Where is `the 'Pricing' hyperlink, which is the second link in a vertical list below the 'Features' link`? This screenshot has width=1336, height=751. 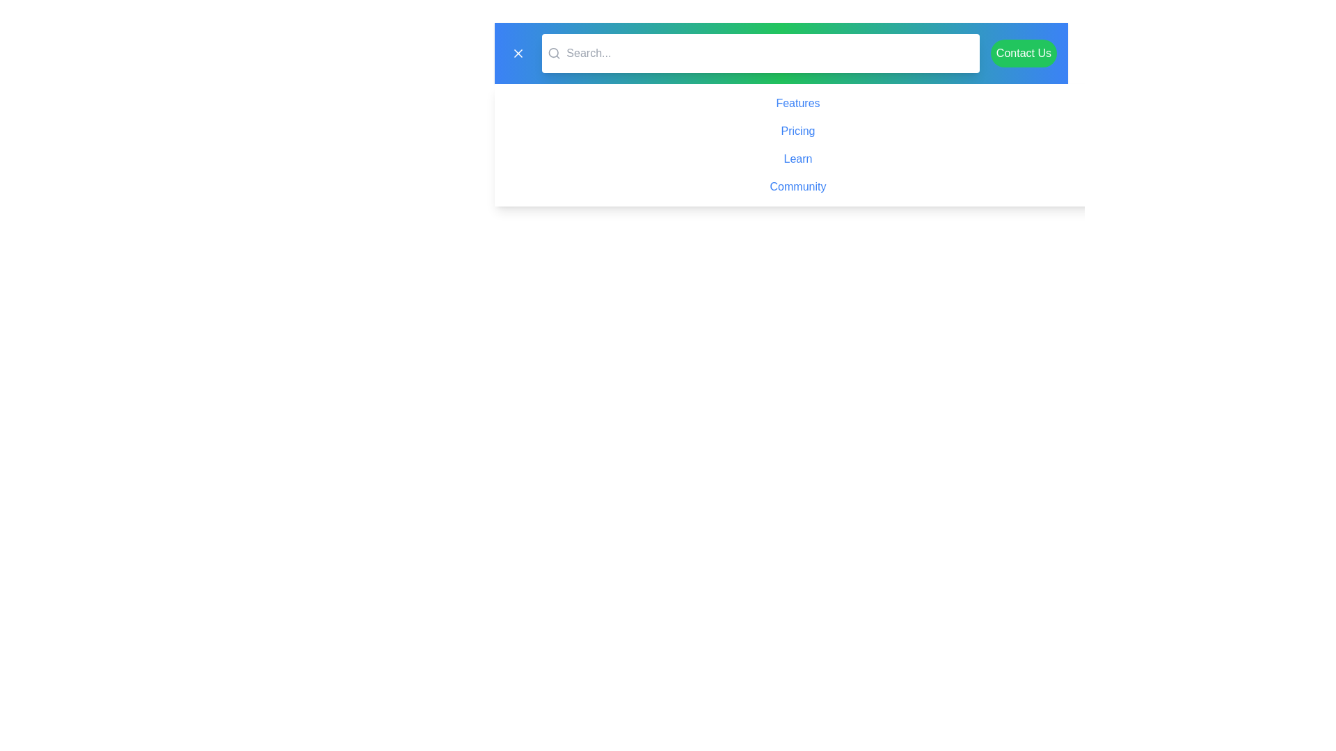
the 'Pricing' hyperlink, which is the second link in a vertical list below the 'Features' link is located at coordinates (781, 138).